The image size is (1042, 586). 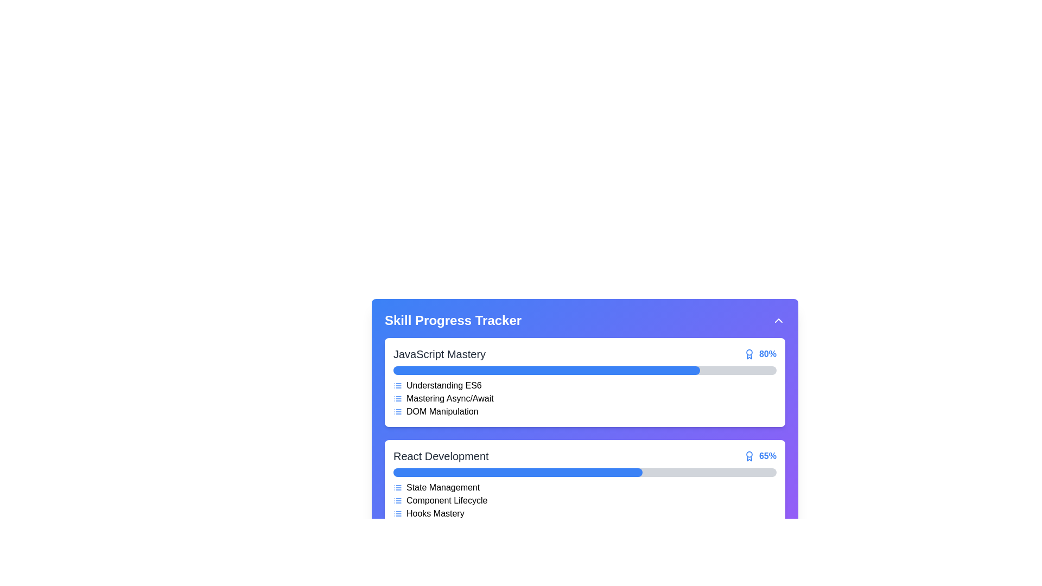 What do you see at coordinates (517, 472) in the screenshot?
I see `the filled portion of the progress bar segment for 'React Development', which is a blue horizontal bar with rounded ends, representing 65% completion` at bounding box center [517, 472].